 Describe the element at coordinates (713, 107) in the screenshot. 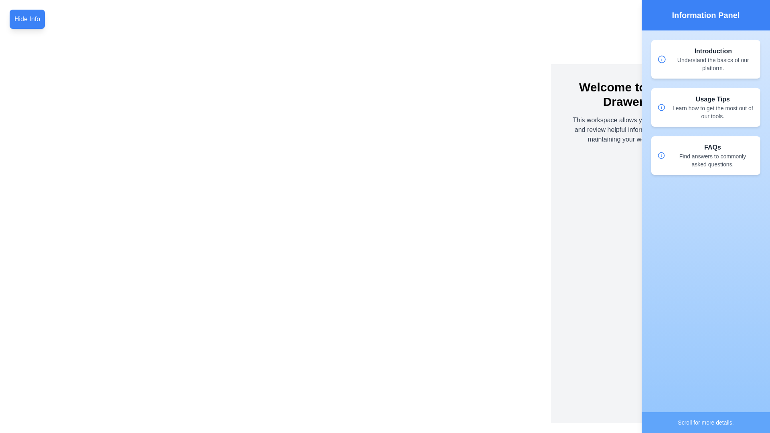

I see `informational text block titled 'Usage Tips' which contains the description 'Learn how to get the most out of our tools.'` at that location.